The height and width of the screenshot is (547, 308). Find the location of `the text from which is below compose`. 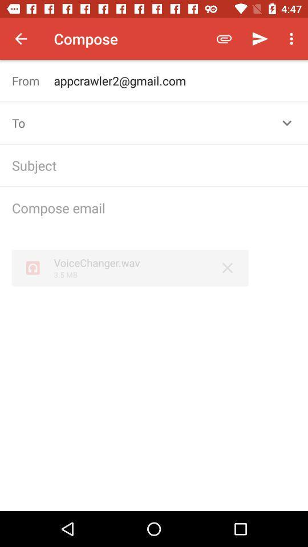

the text from which is below compose is located at coordinates (33, 80).